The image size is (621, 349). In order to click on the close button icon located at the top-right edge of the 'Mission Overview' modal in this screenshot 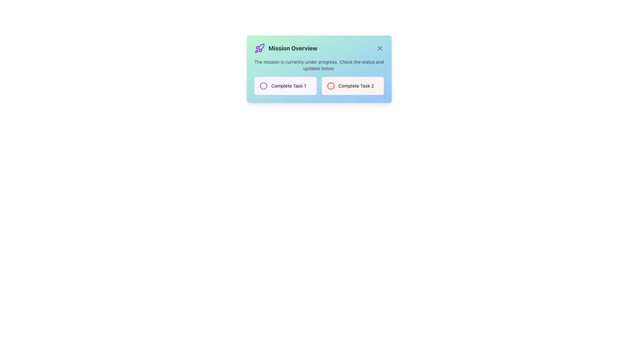, I will do `click(380, 48)`.